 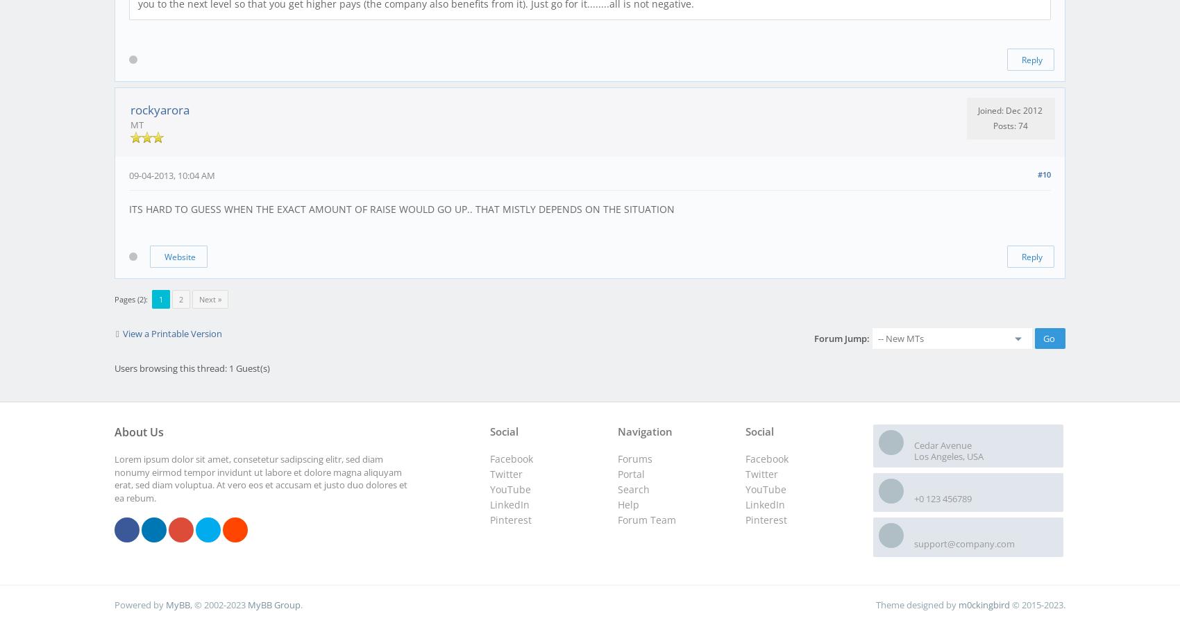 What do you see at coordinates (130, 298) in the screenshot?
I see `'Pages (2):'` at bounding box center [130, 298].